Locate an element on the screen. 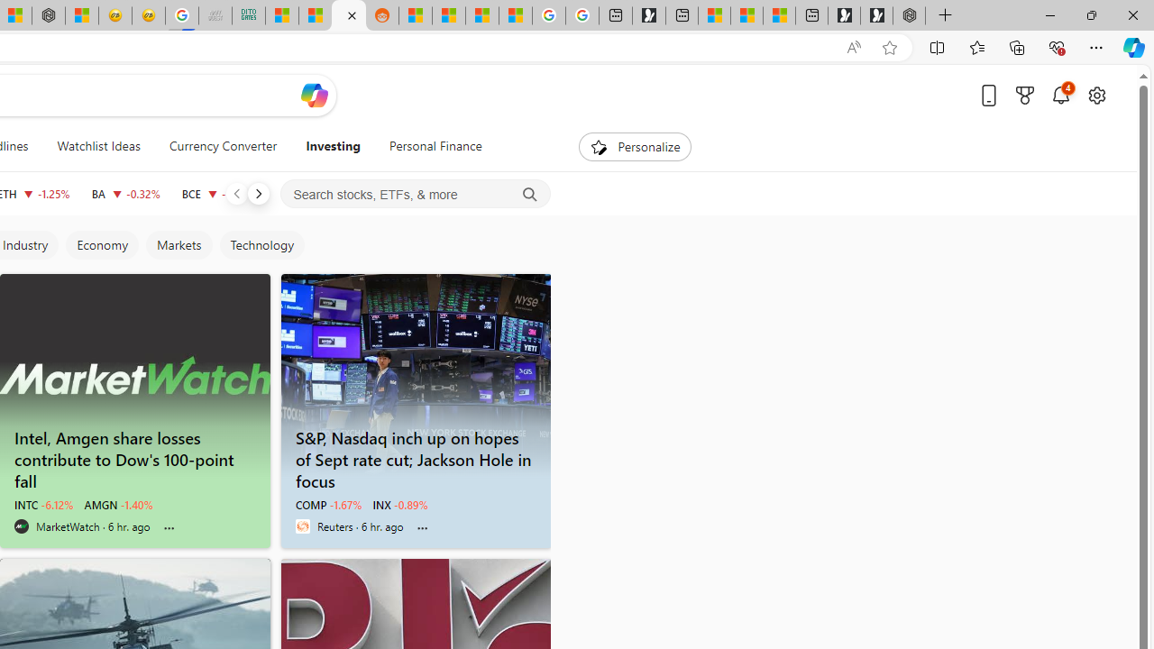 The height and width of the screenshot is (649, 1154). 'Reuters' is located at coordinates (302, 526).